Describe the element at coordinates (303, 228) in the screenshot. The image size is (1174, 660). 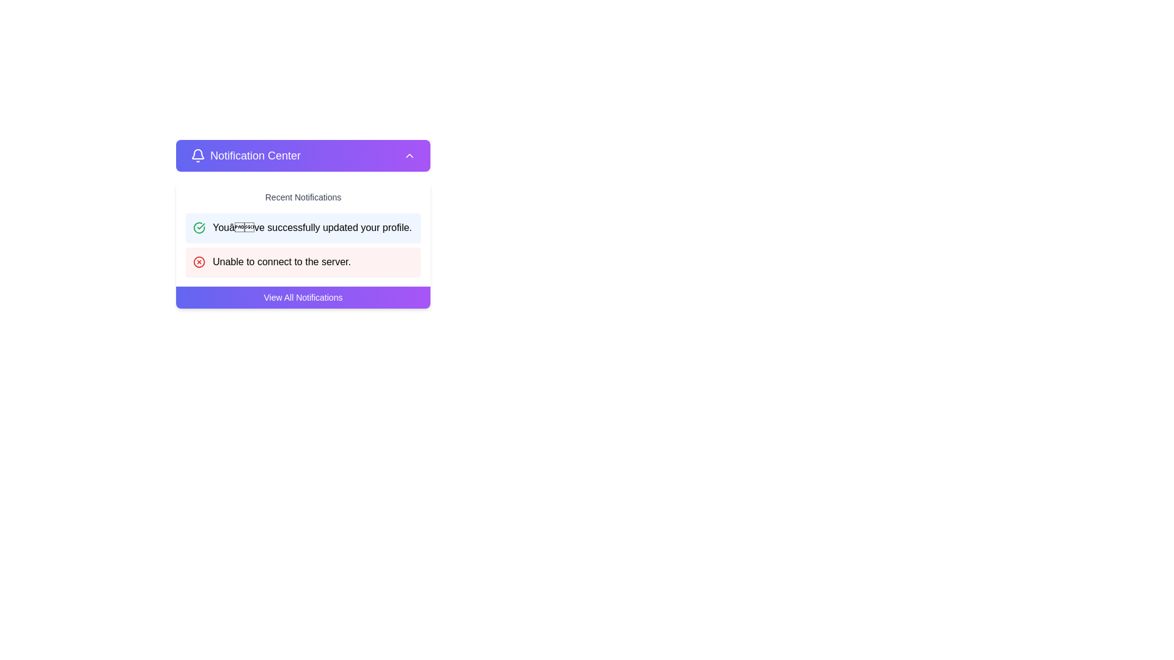
I see `the Notification banner with a blue background that states 'You’ve successfully updated your profile.'` at that location.